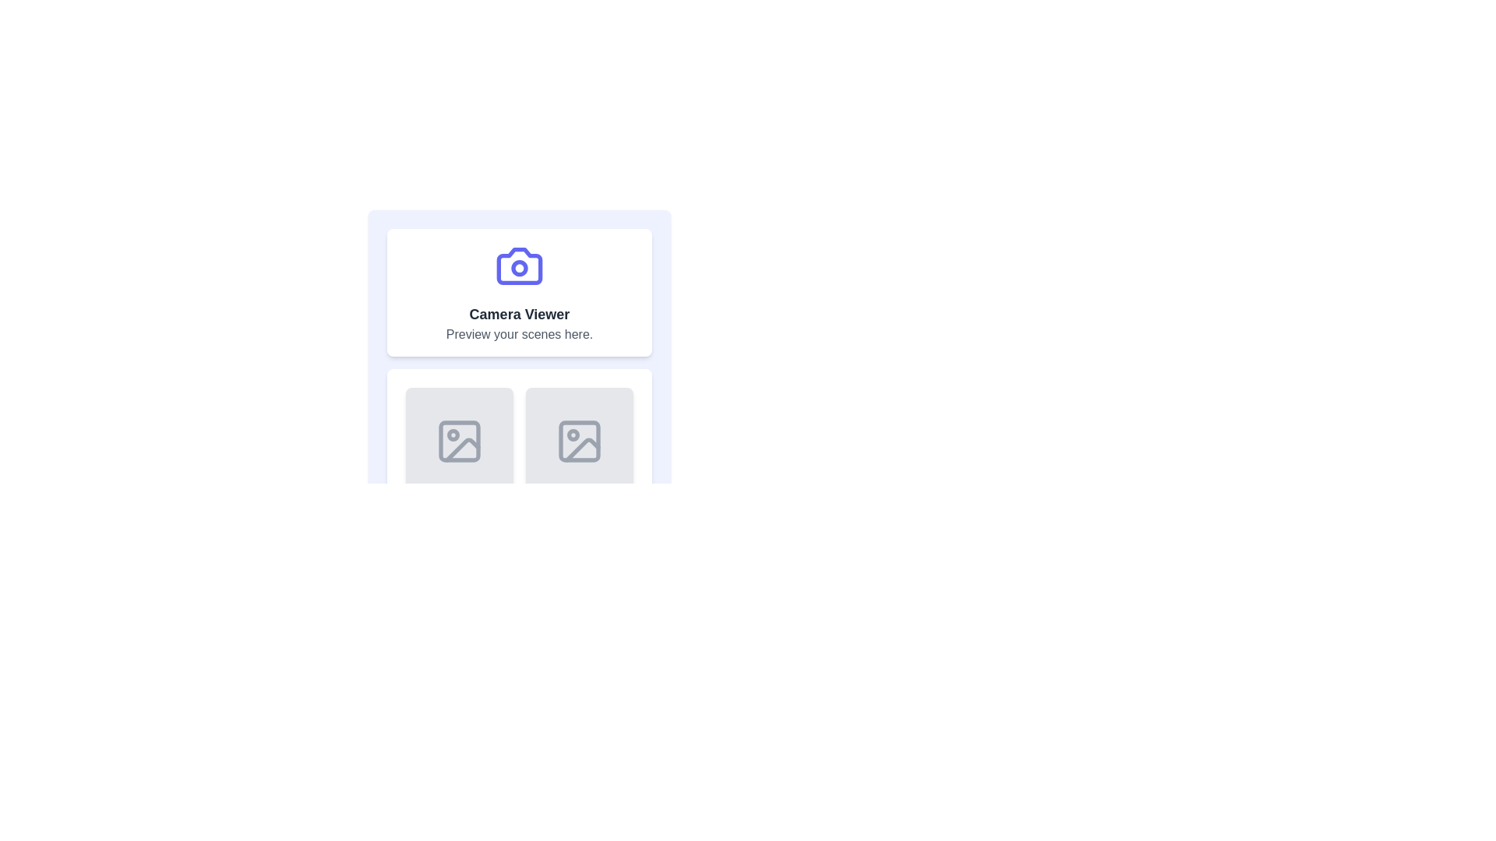  What do you see at coordinates (459, 442) in the screenshot?
I see `the clickable placeholder or image preview area with a soft gray background and a centered image icon located below the 'Camera Viewer' section` at bounding box center [459, 442].